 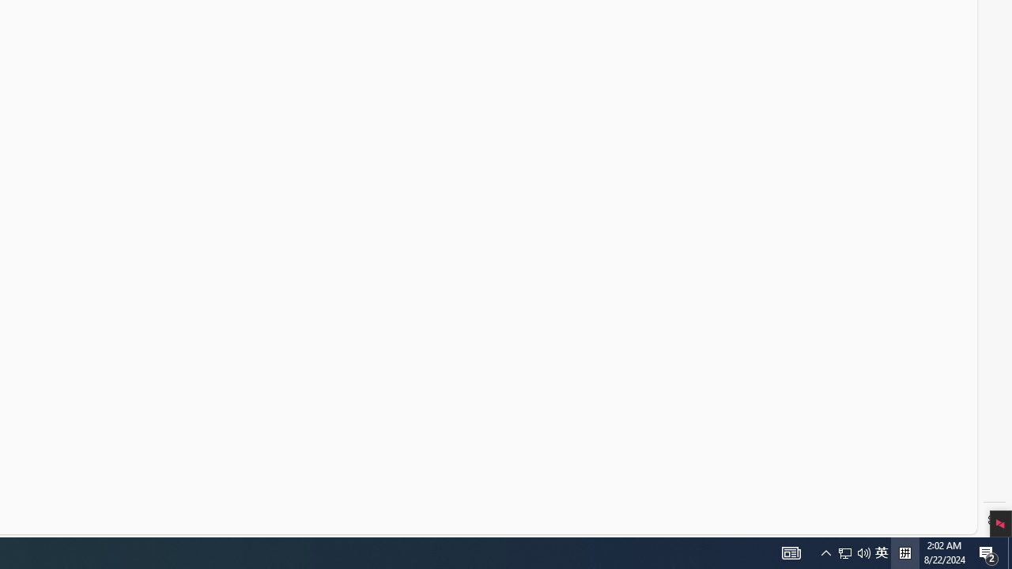 I want to click on 'Tray Input Indicator - Chinese (Simplified, China)', so click(x=881, y=552).